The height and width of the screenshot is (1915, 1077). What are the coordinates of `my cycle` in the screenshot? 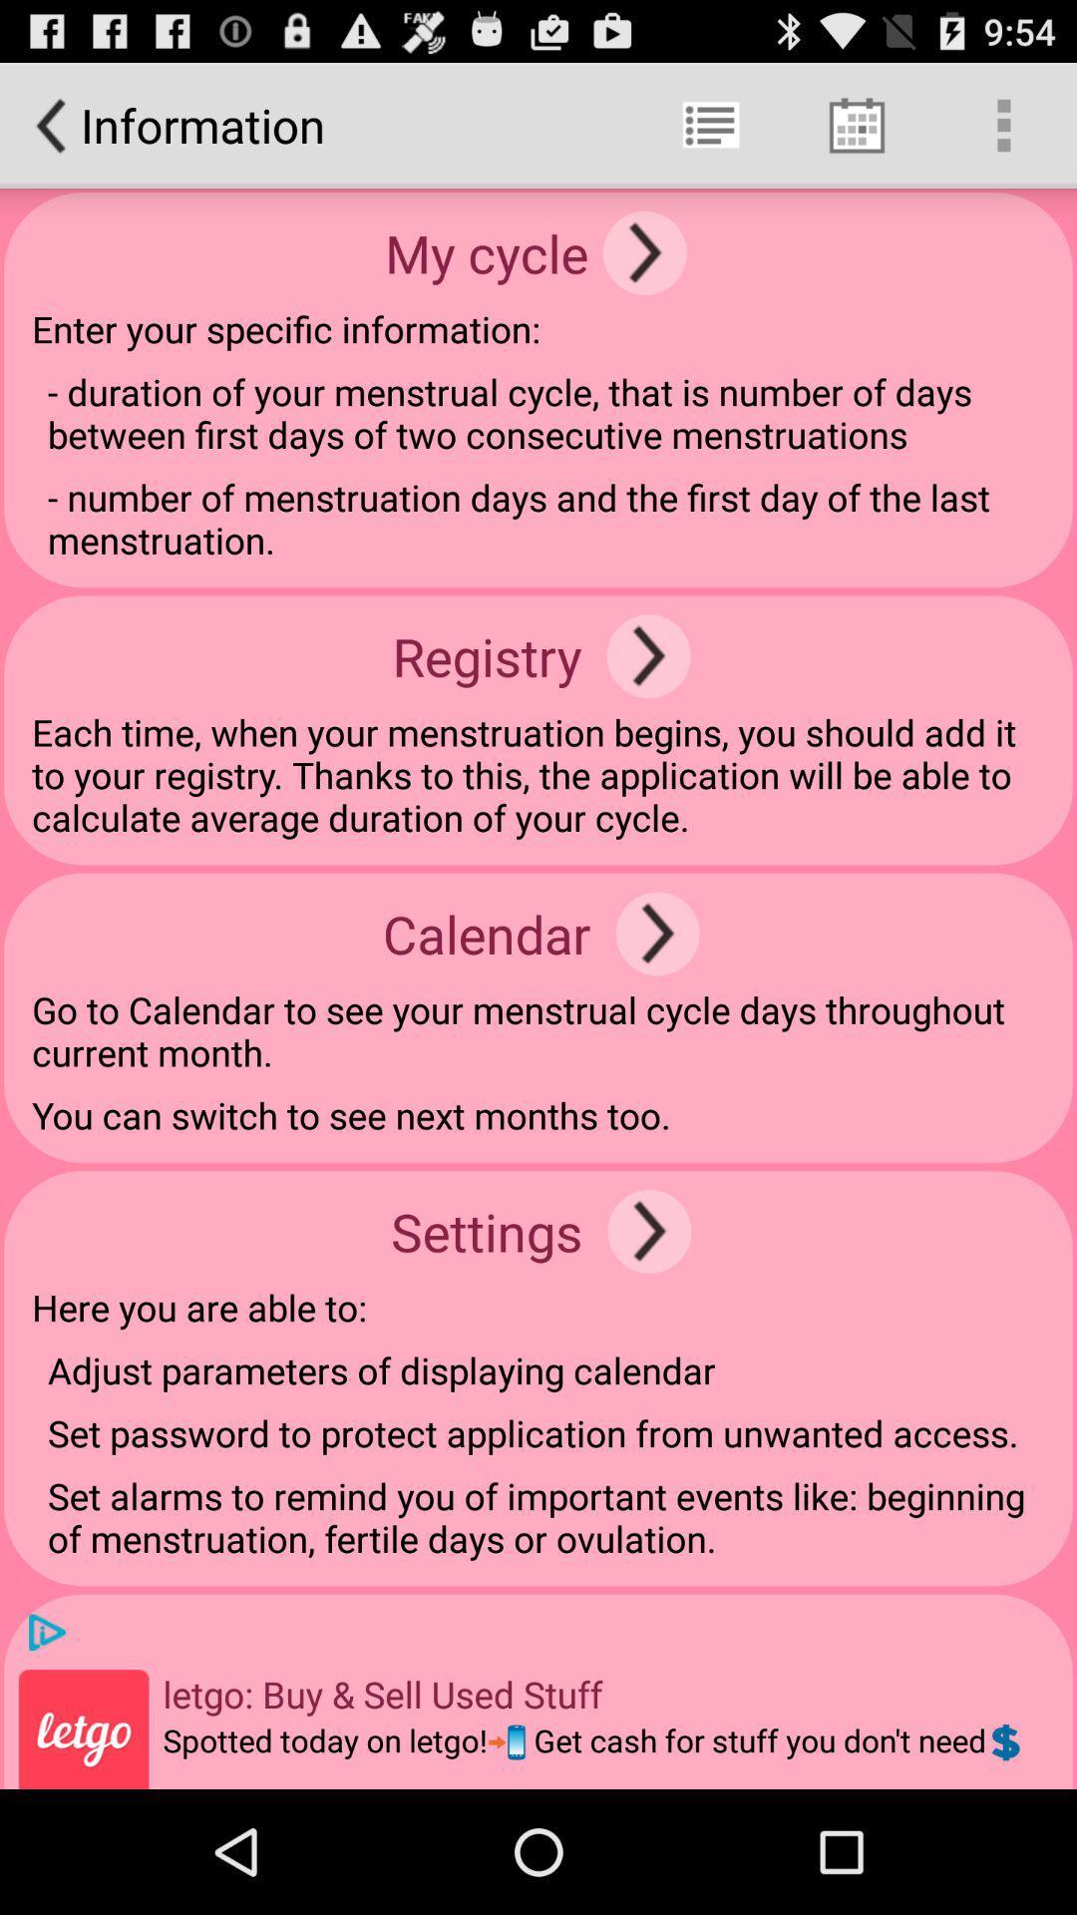 It's located at (644, 251).